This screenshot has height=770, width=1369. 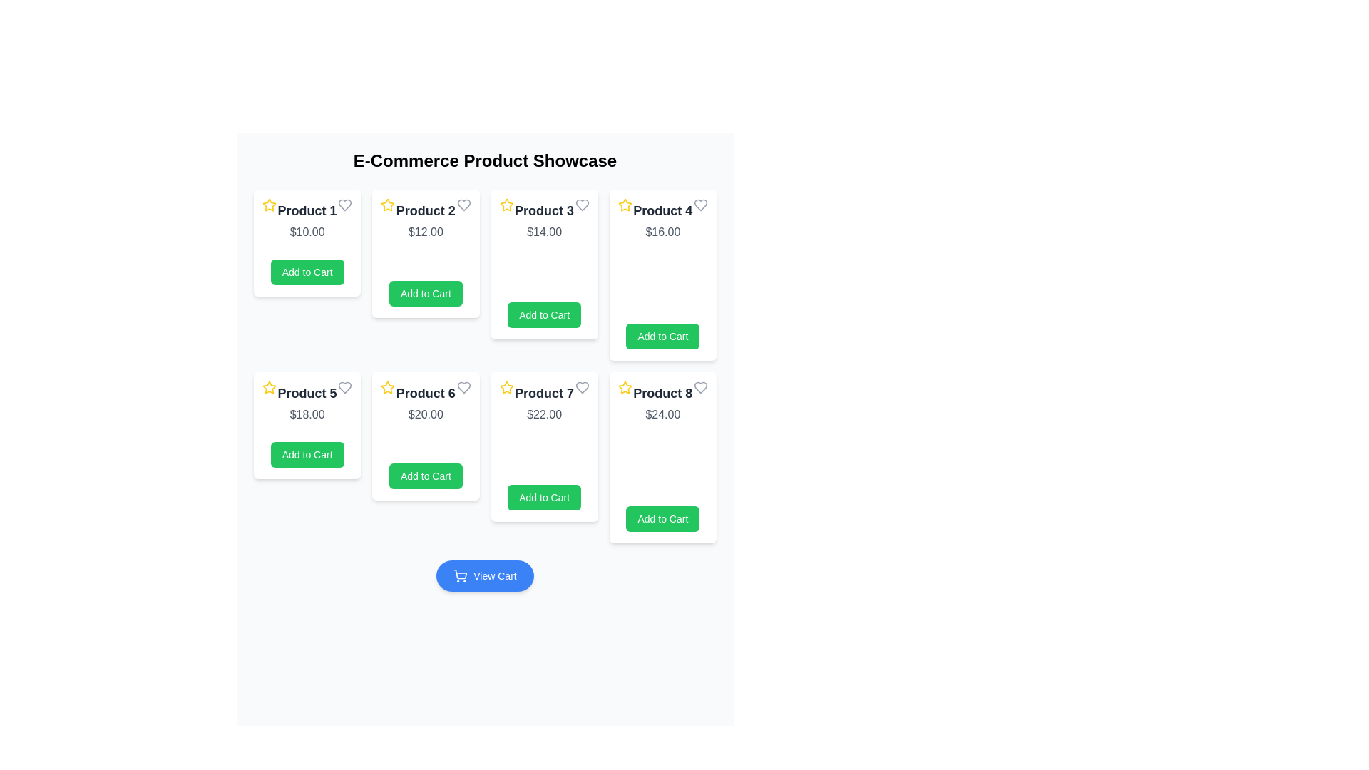 What do you see at coordinates (425, 293) in the screenshot?
I see `the 'Add to Cart' button for 'Product 2' to observe the hover effect` at bounding box center [425, 293].